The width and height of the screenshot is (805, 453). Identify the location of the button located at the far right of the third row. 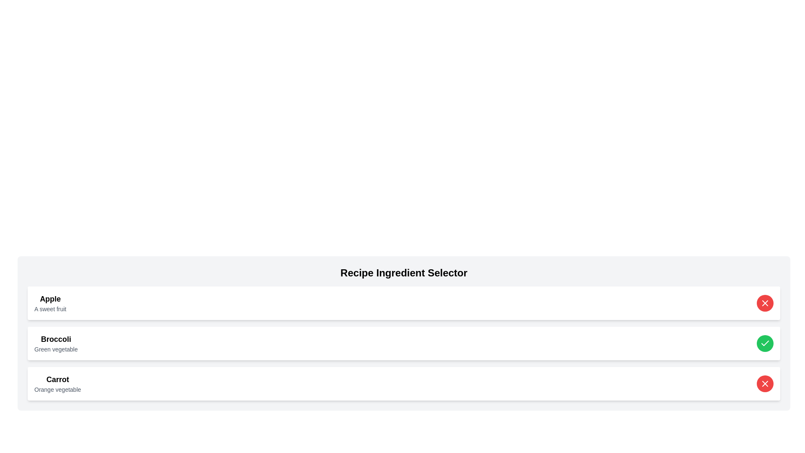
(765, 383).